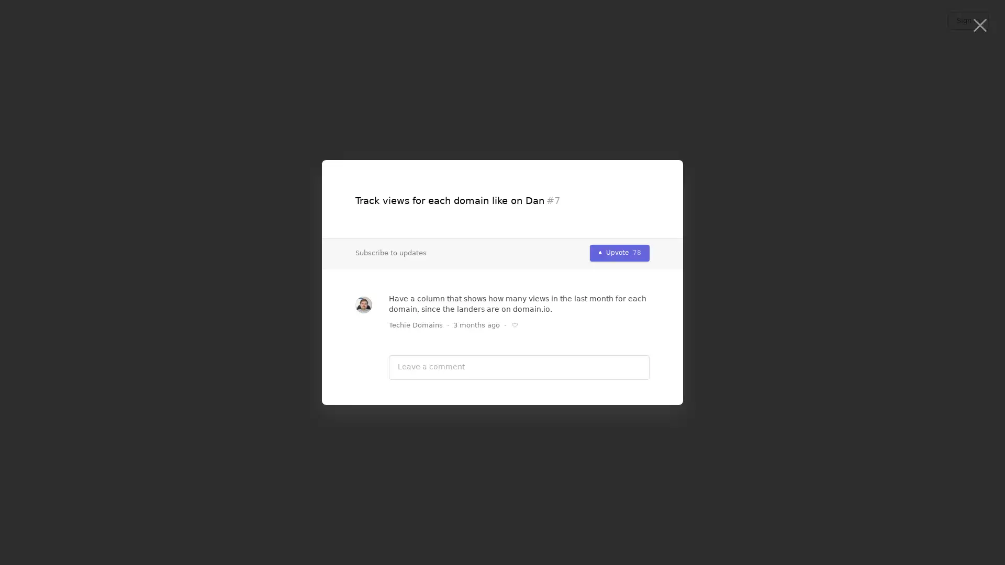  What do you see at coordinates (415, 324) in the screenshot?
I see `Techie Domains` at bounding box center [415, 324].